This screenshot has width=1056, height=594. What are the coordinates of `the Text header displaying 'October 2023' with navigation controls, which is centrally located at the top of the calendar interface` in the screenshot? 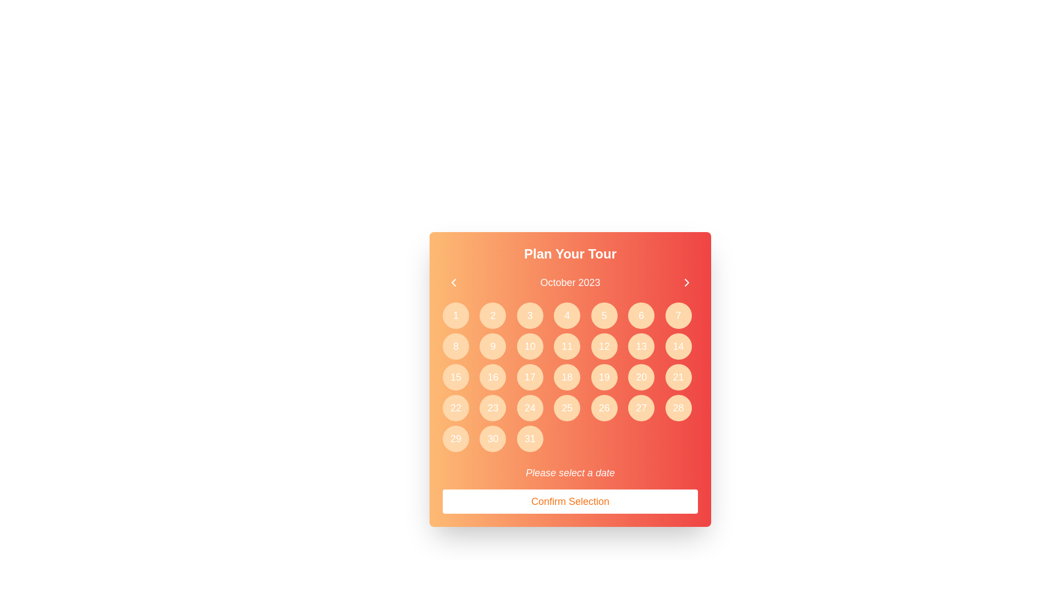 It's located at (570, 282).